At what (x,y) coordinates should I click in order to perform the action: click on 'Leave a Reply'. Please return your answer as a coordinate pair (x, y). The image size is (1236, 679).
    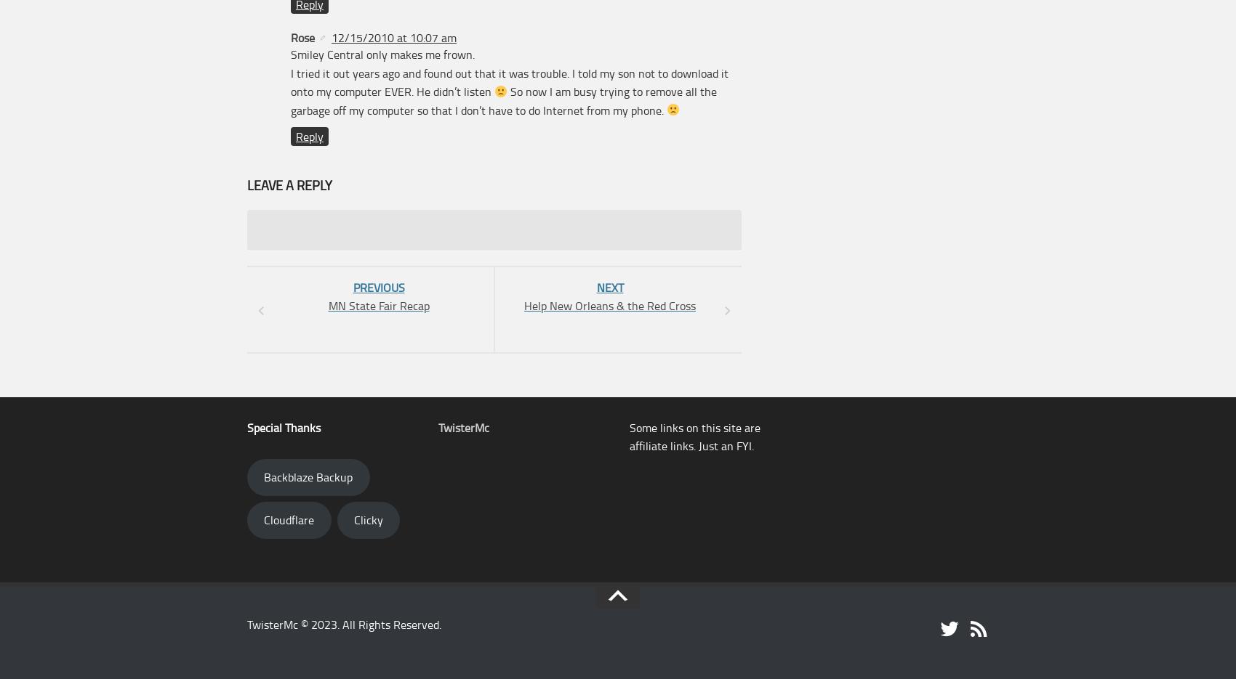
    Looking at the image, I should click on (289, 184).